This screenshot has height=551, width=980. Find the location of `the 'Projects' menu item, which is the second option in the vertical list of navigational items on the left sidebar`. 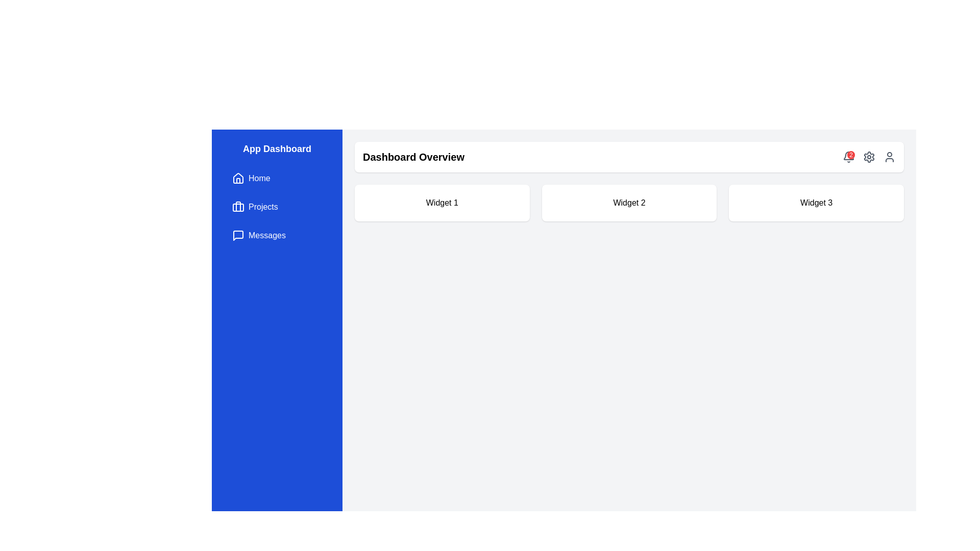

the 'Projects' menu item, which is the second option in the vertical list of navigational items on the left sidebar is located at coordinates (277, 207).